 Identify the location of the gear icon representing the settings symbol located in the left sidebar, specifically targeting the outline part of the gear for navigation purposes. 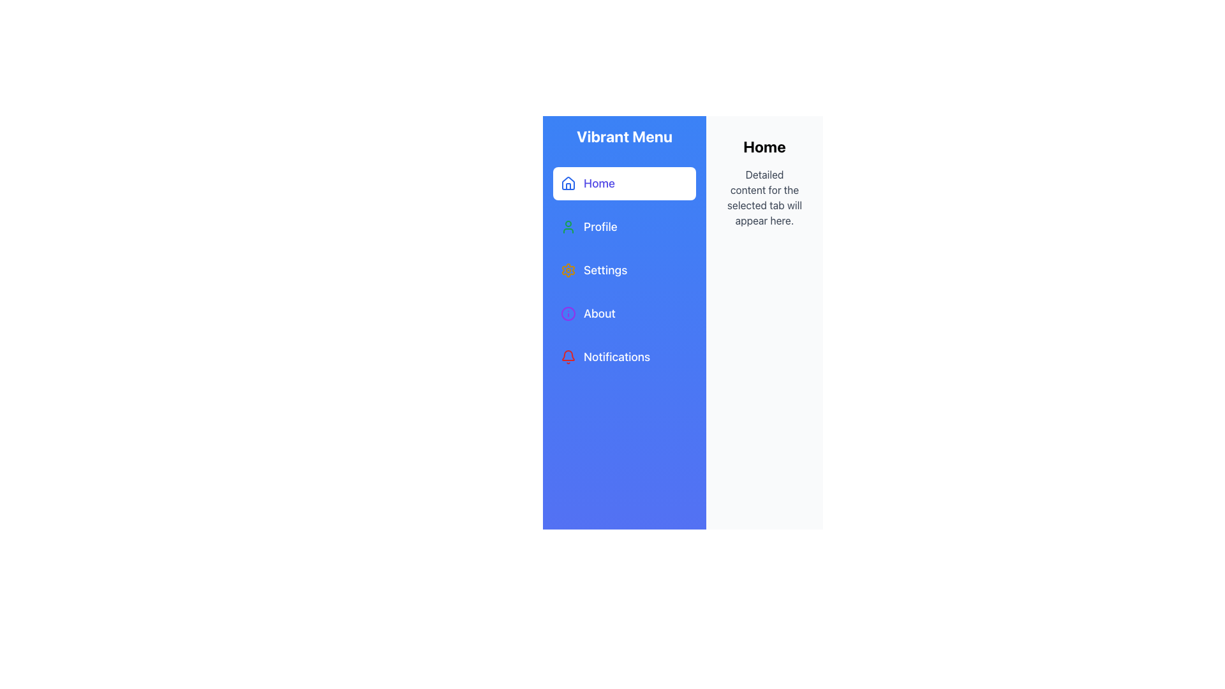
(568, 270).